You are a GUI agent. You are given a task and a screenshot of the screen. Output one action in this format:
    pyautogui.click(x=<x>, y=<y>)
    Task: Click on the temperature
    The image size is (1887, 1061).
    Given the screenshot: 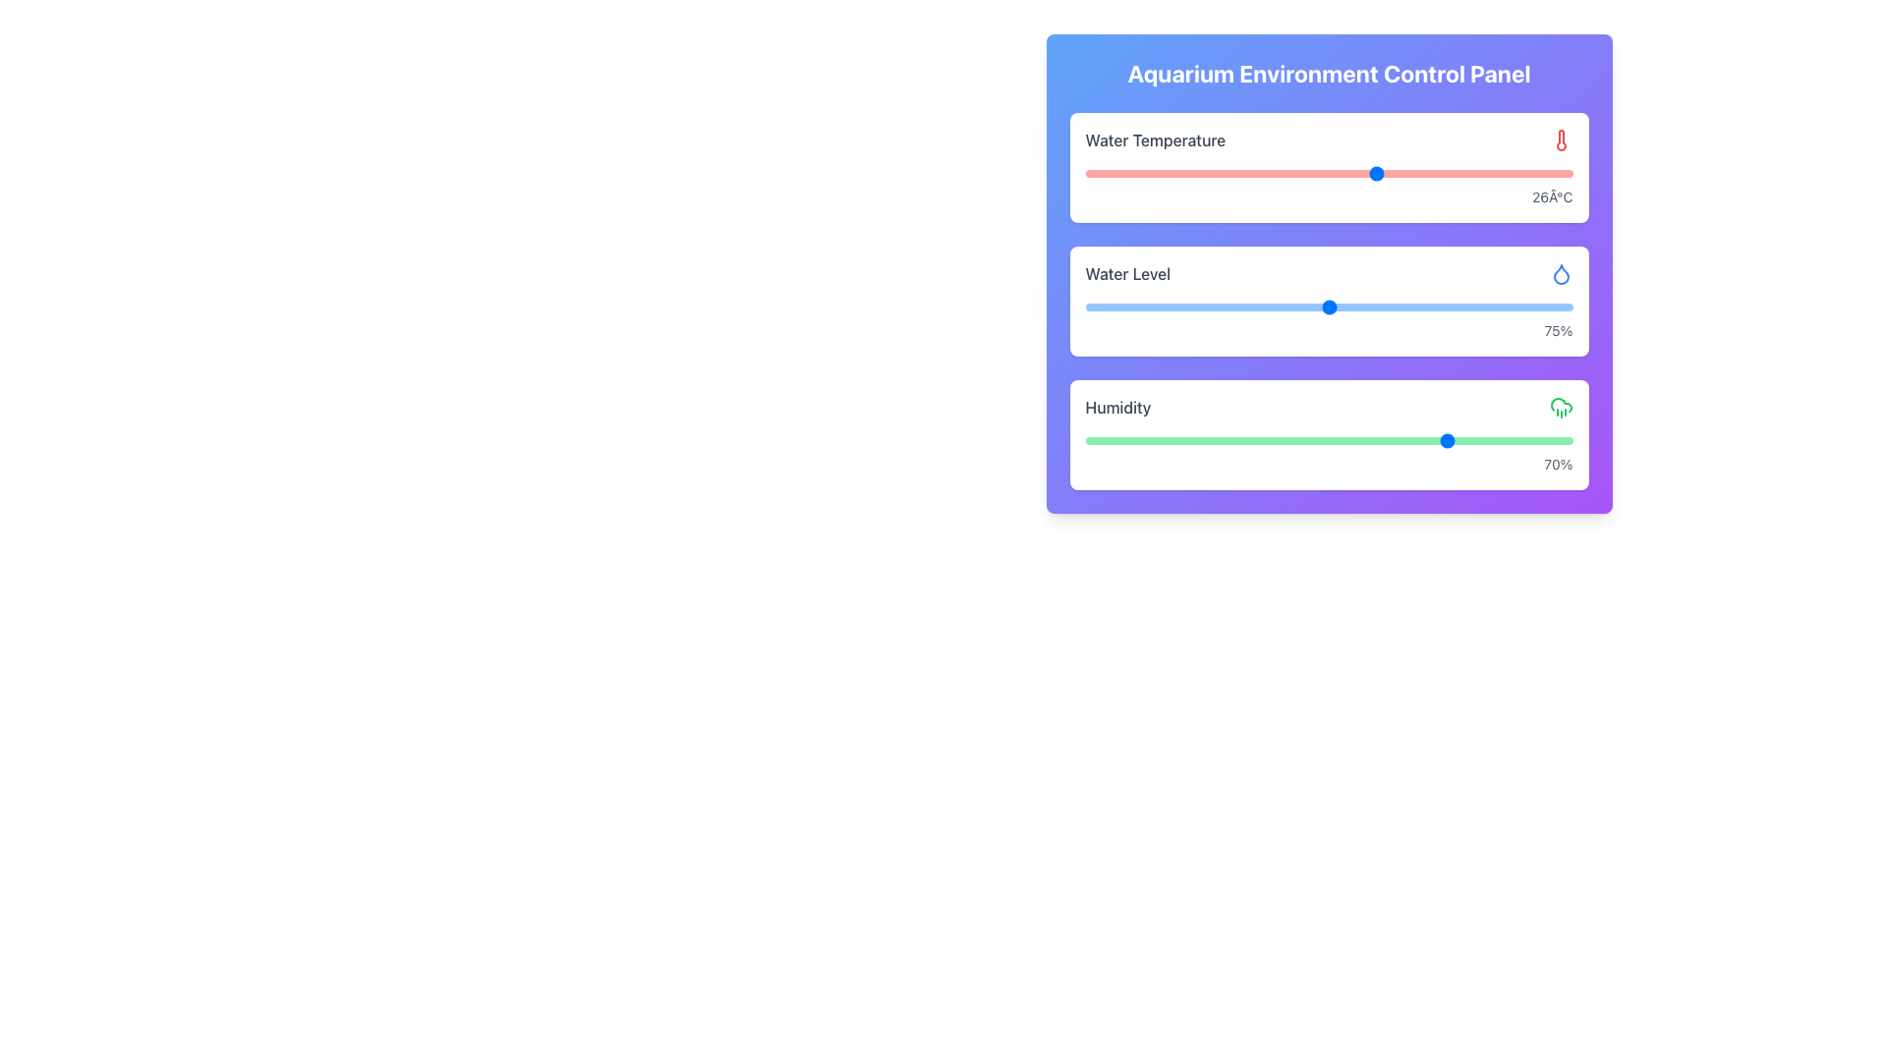 What is the action you would take?
    pyautogui.click(x=1181, y=173)
    